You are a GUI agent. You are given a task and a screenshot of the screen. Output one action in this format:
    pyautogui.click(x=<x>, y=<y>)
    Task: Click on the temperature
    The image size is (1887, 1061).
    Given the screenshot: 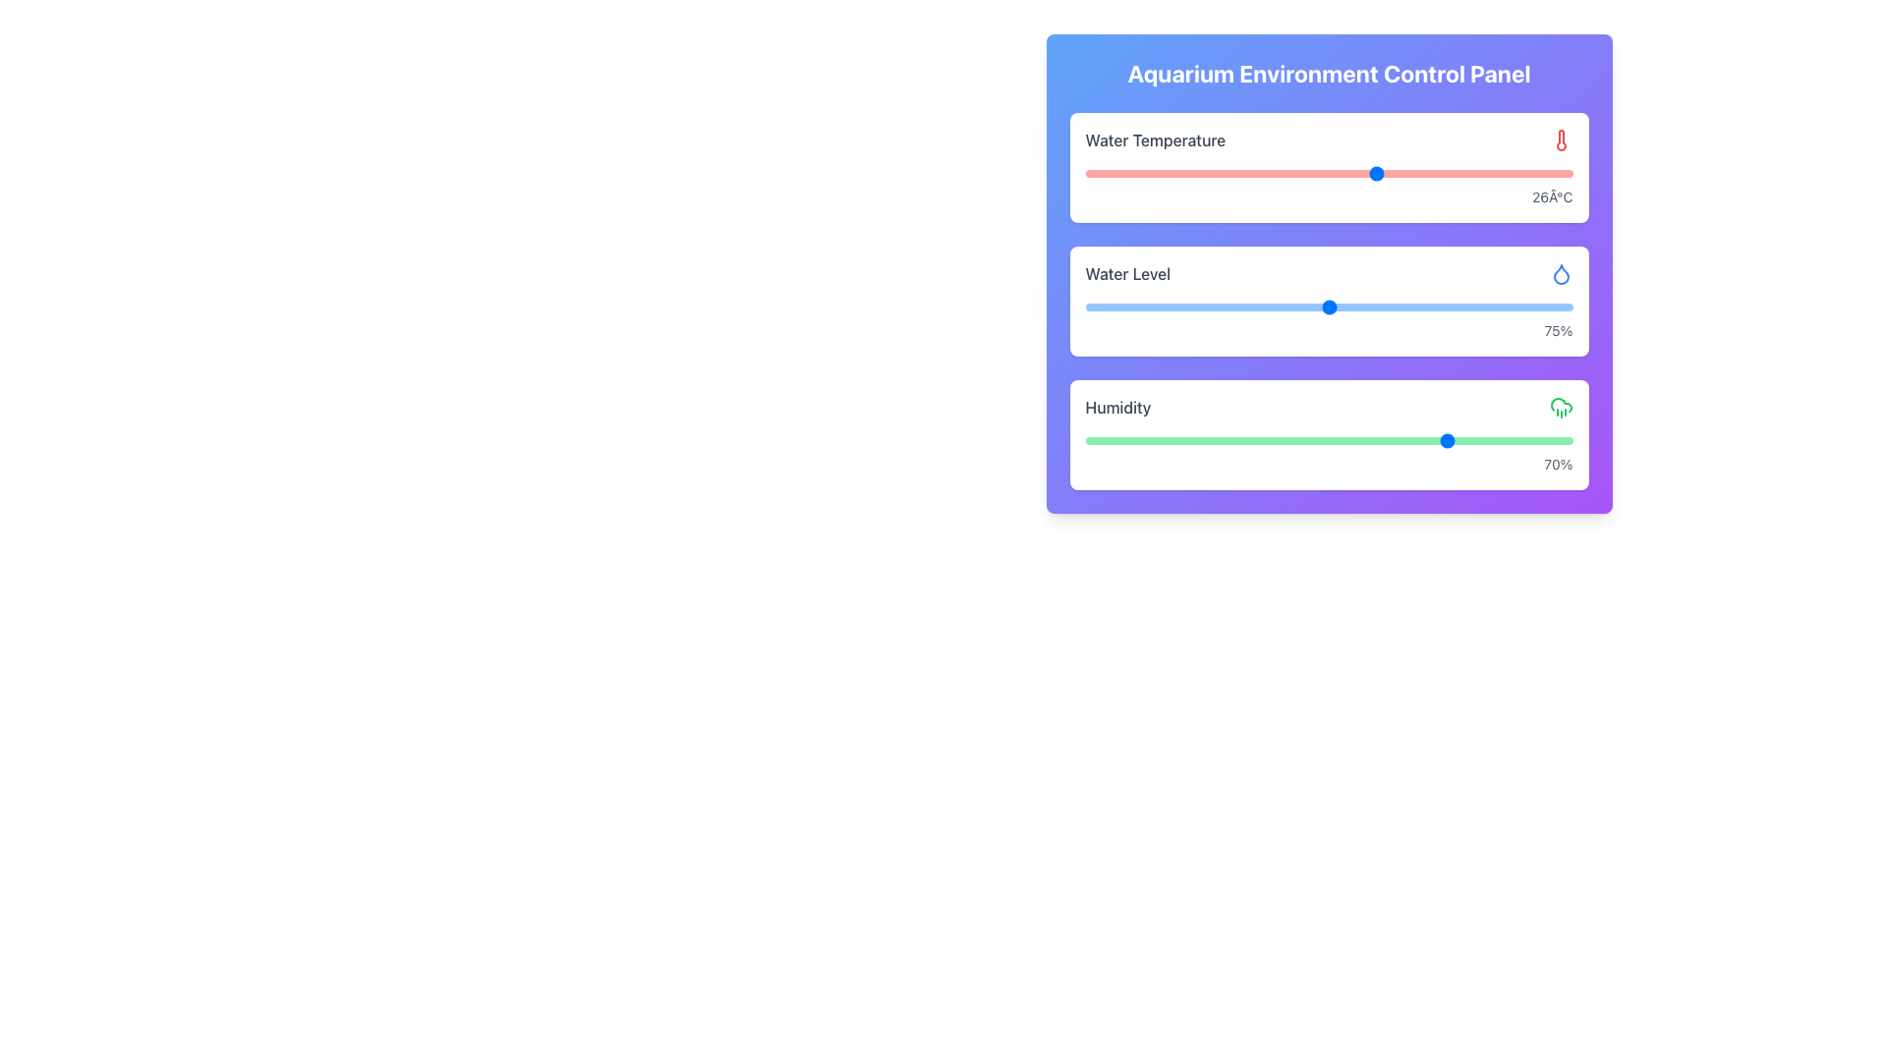 What is the action you would take?
    pyautogui.click(x=1181, y=173)
    